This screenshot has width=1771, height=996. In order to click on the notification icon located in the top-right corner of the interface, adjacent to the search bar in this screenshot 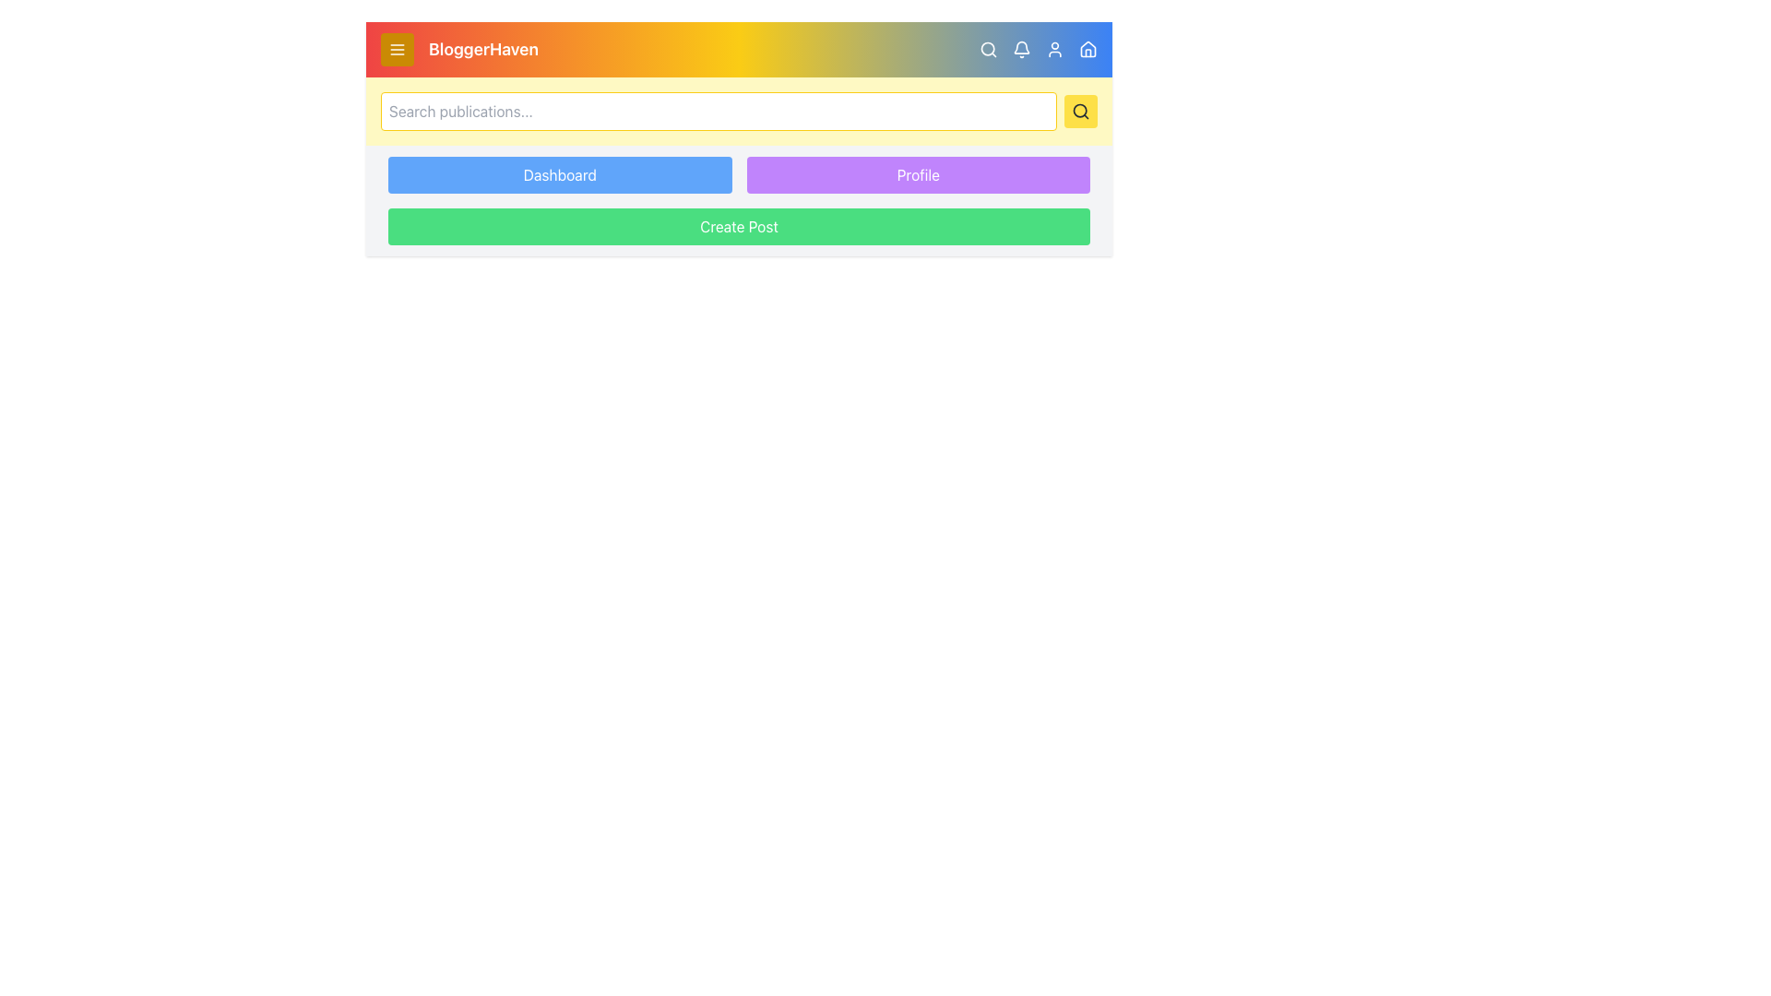, I will do `click(1039, 49)`.